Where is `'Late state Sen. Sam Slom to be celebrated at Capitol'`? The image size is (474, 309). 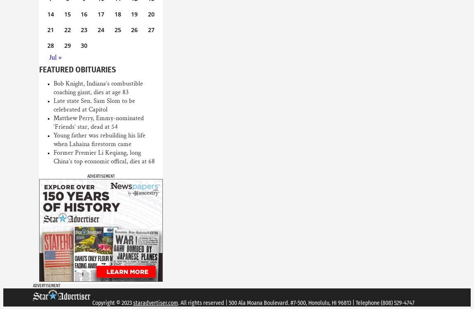
'Late state Sen. Sam Slom to be celebrated at Capitol' is located at coordinates (53, 105).